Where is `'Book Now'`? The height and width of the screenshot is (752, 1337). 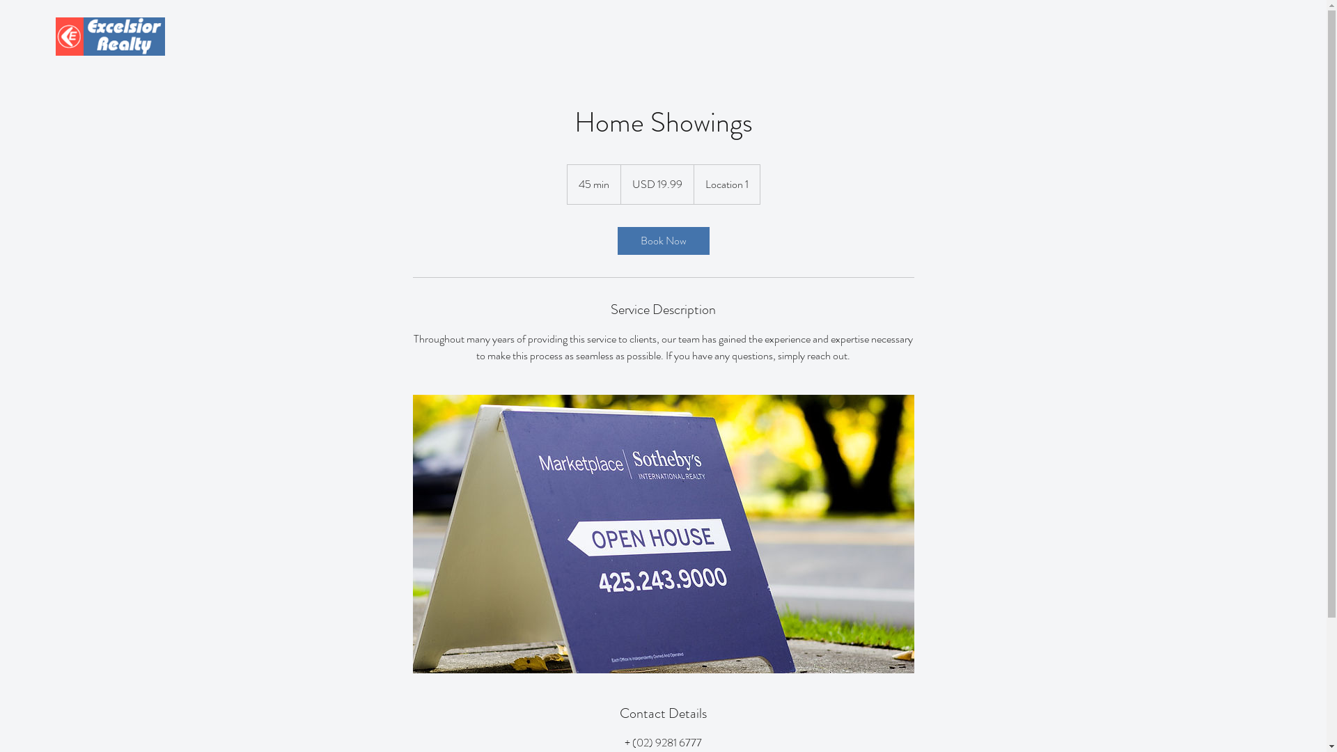 'Book Now' is located at coordinates (662, 240).